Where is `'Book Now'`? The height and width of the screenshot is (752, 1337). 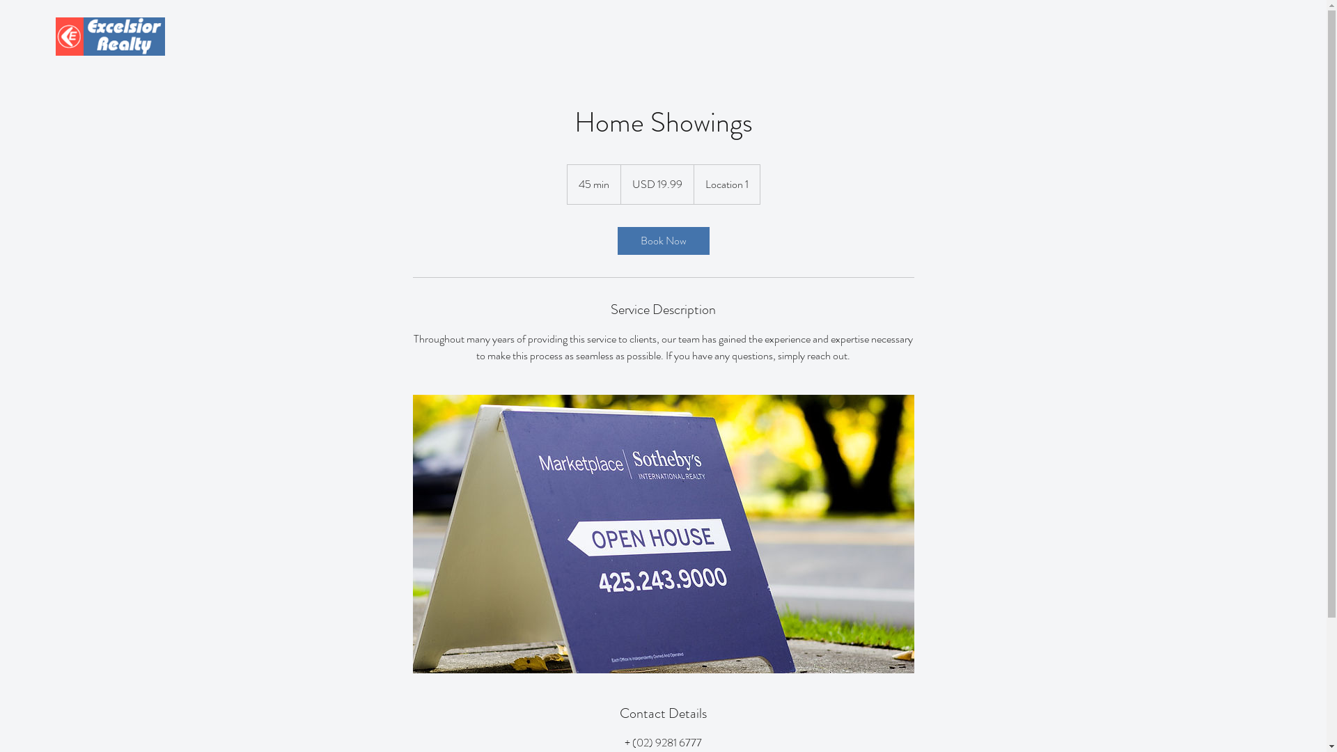 'Book Now' is located at coordinates (662, 240).